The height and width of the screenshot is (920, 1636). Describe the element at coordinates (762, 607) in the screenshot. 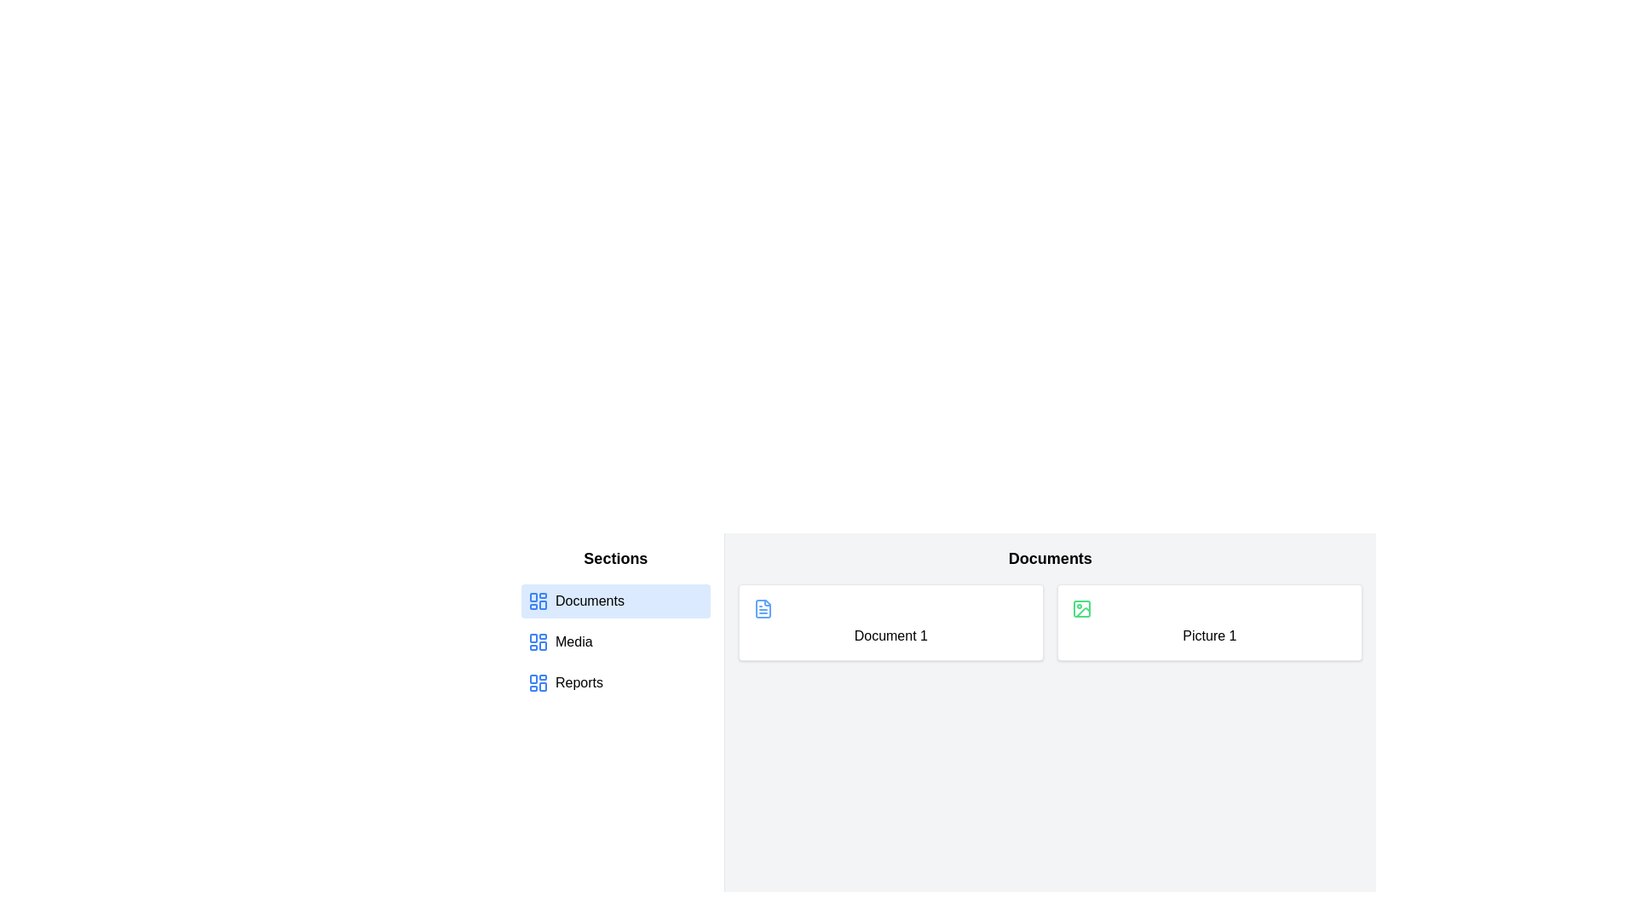

I see `the first graphical icon in the 'Documents' section, which visually represents a document-related action or content` at that location.